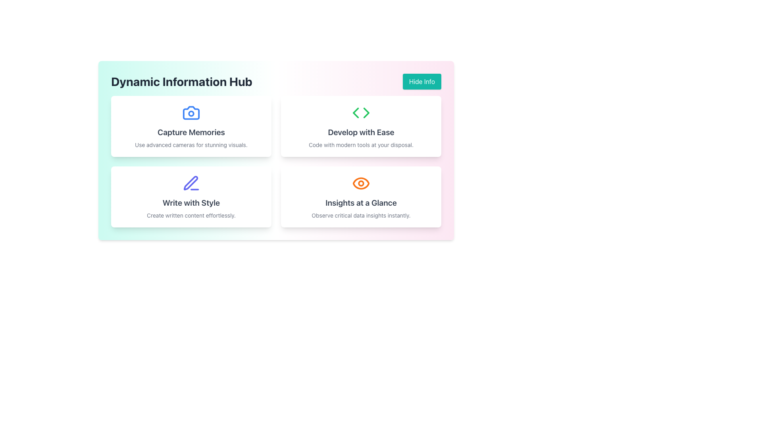 Image resolution: width=762 pixels, height=428 pixels. Describe the element at coordinates (191, 113) in the screenshot. I see `the blue camera icon located in the upper-left card of the four-card grid, which is centered above the 'Capture Memories' text` at that location.